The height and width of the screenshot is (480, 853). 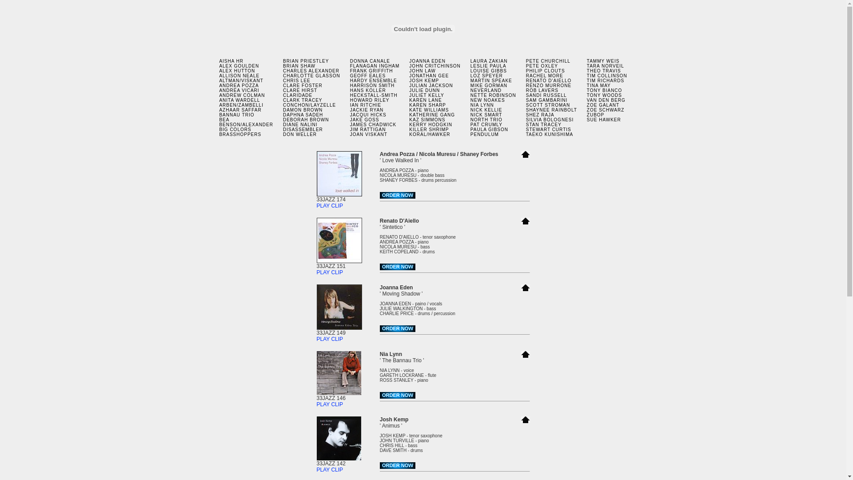 I want to click on 'CHRIS LEE', so click(x=296, y=80).